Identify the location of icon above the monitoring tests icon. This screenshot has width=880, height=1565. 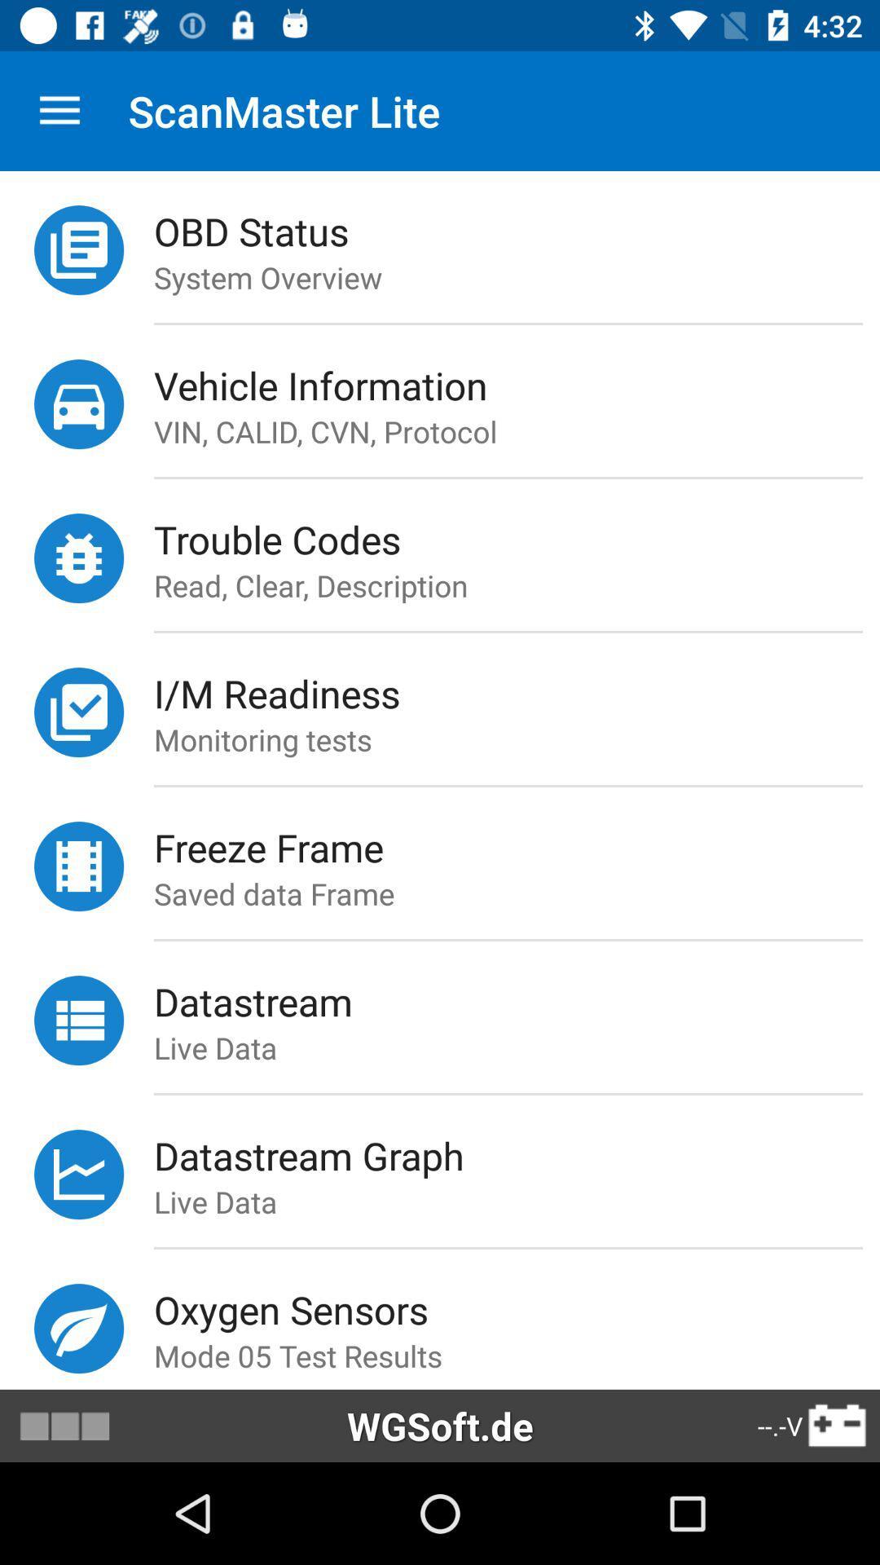
(517, 693).